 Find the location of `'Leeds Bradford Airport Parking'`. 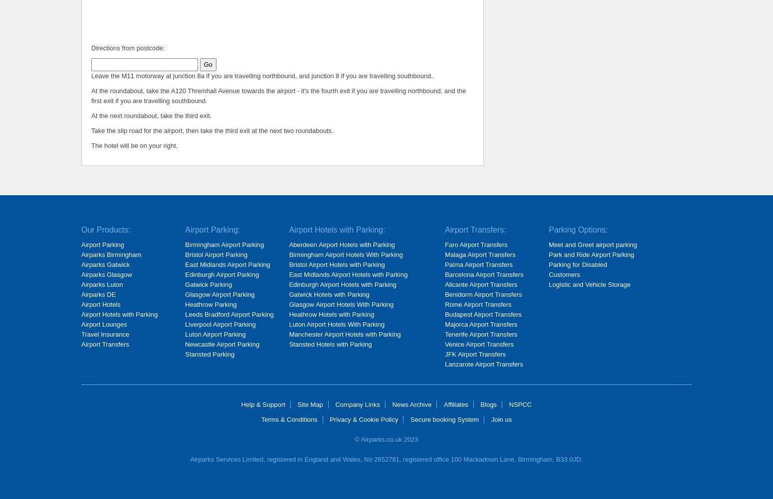

'Leeds Bradford Airport Parking' is located at coordinates (229, 314).